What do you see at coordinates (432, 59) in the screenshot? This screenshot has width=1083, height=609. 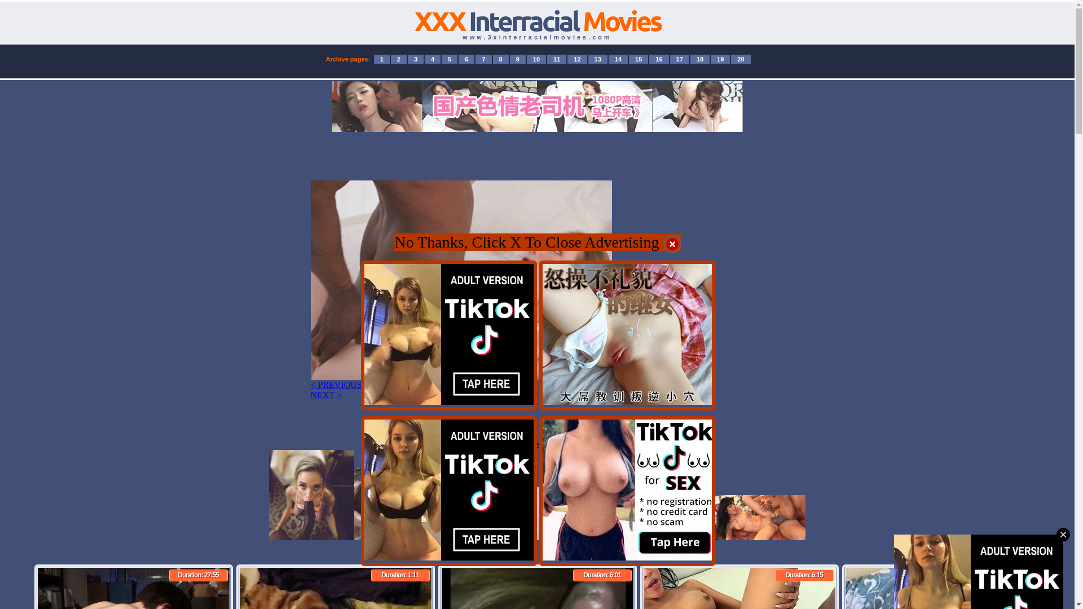 I see `'4'` at bounding box center [432, 59].